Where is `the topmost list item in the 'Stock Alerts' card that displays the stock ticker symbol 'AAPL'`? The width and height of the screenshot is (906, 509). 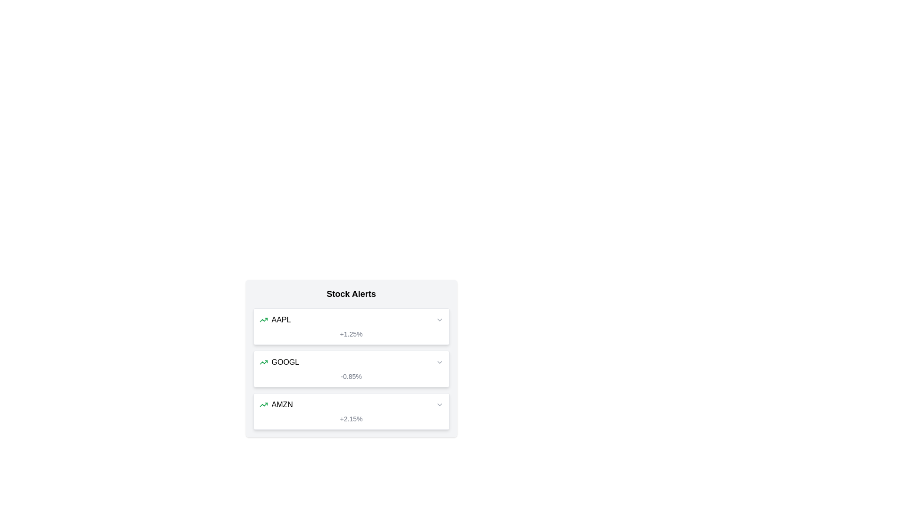
the topmost list item in the 'Stock Alerts' card that displays the stock ticker symbol 'AAPL' is located at coordinates (274, 319).